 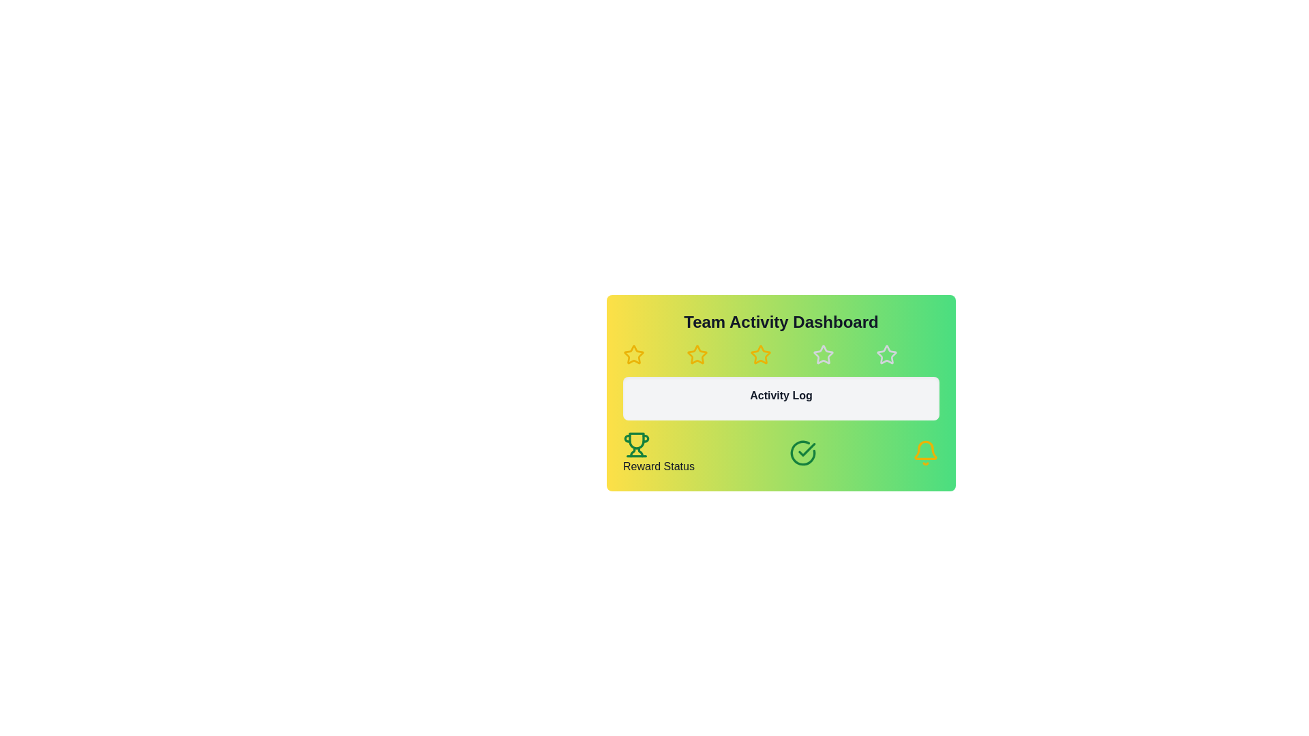 I want to click on the trophy icon located in the bottom-left corner of the interface, which represents achievement or reward, directly above the 'Reward Status' text label, so click(x=636, y=444).